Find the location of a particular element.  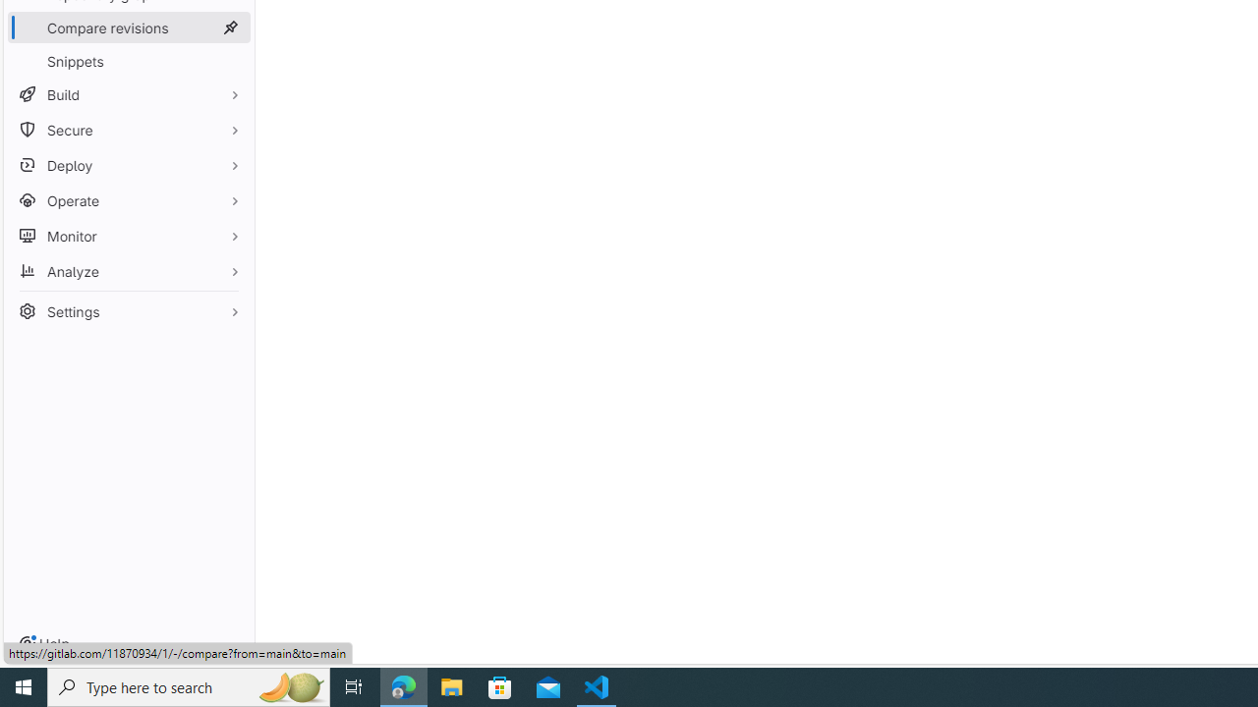

'Secure' is located at coordinates (128, 130).